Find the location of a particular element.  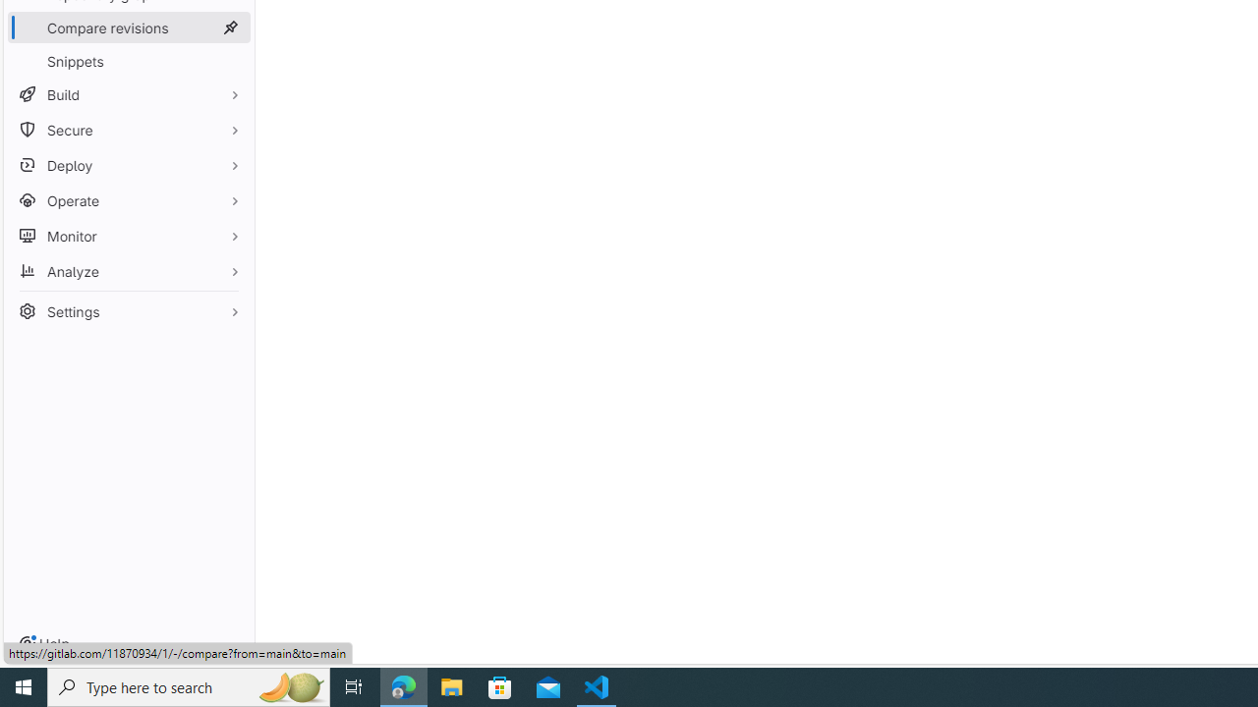

'Secure' is located at coordinates (128, 130).